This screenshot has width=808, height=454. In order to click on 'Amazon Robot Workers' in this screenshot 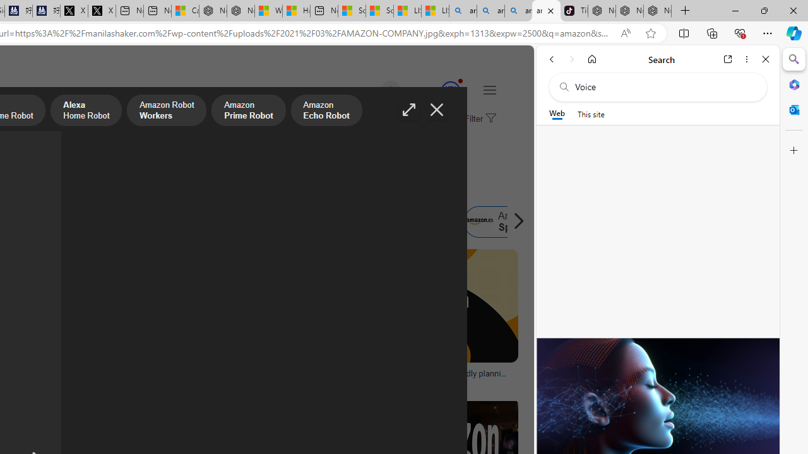, I will do `click(166, 111)`.